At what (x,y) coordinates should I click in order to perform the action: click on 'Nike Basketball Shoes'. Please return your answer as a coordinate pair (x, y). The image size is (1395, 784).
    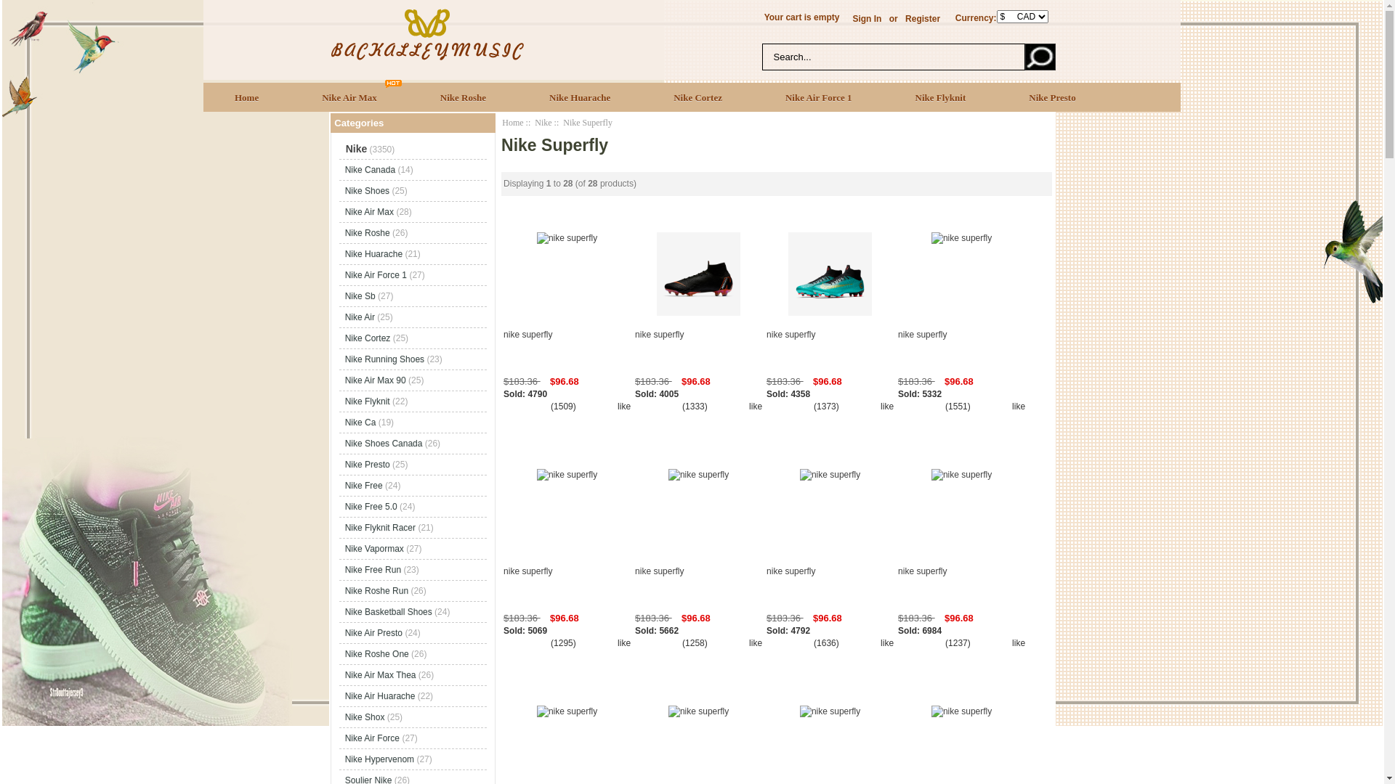
    Looking at the image, I should click on (388, 612).